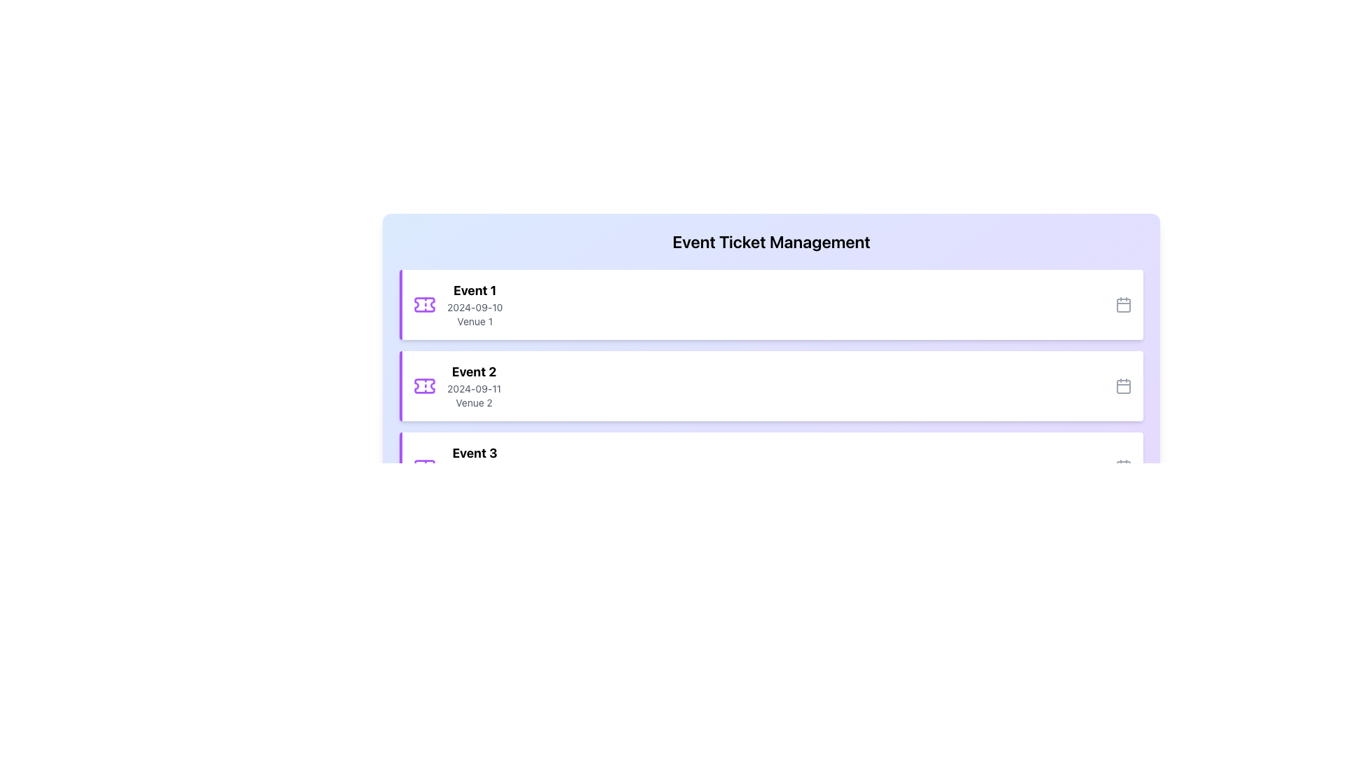 This screenshot has width=1346, height=757. I want to click on the small gray text label displaying the date '2024-09-11', which is positioned between 'Event 2' and 'Venue 2' in the vertical stack of event details, so click(474, 389).